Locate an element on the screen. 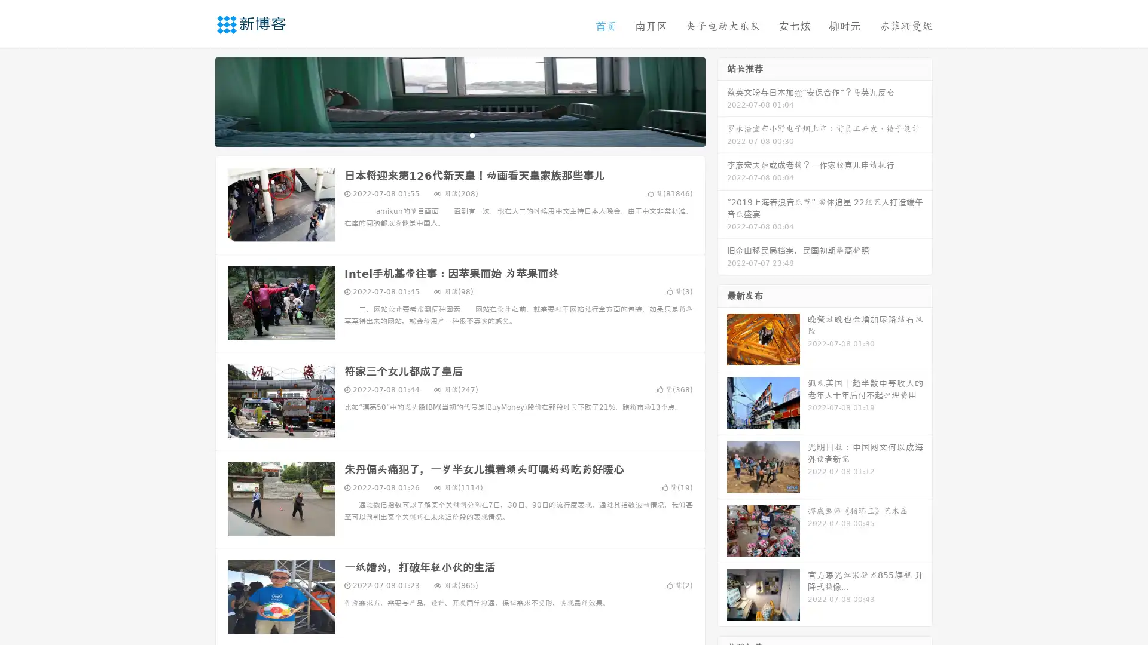 The image size is (1148, 645). Go to slide 1 is located at coordinates (447, 134).